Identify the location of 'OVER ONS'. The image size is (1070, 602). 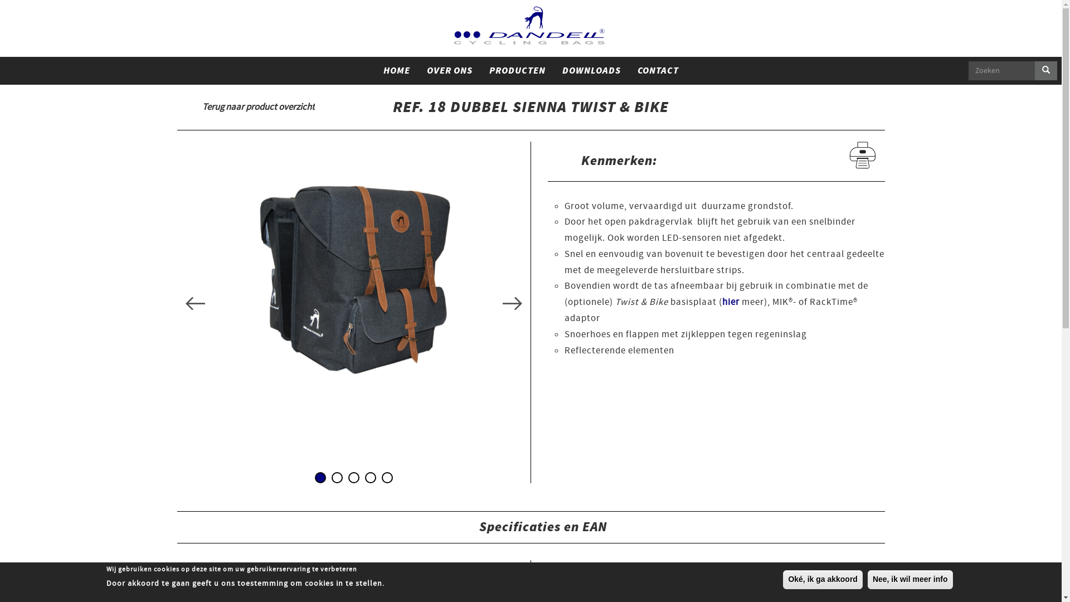
(449, 71).